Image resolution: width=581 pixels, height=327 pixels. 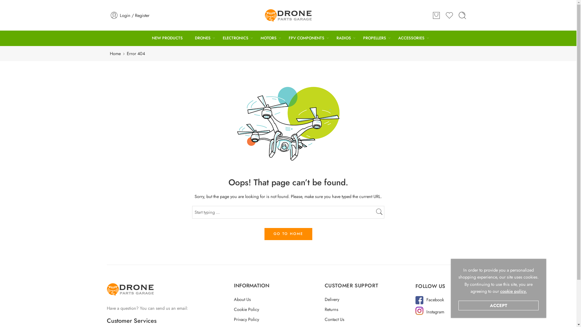 I want to click on 'RADIOS', so click(x=344, y=38).